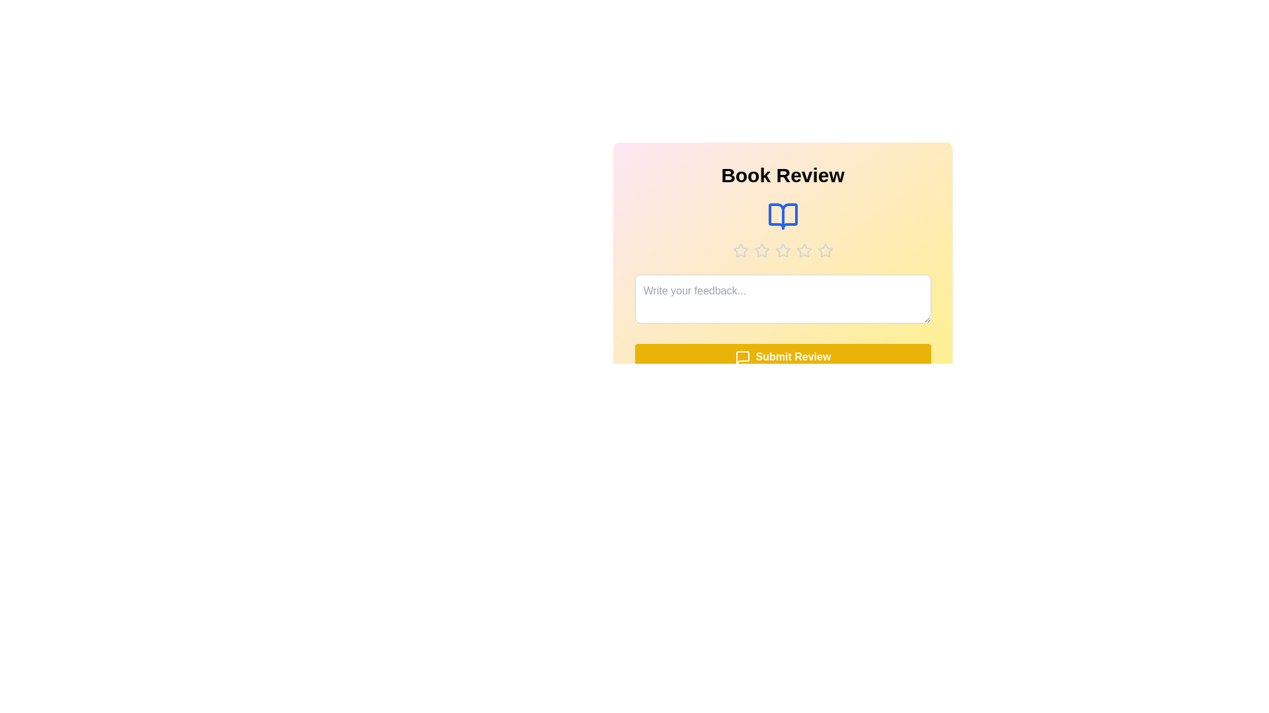 The height and width of the screenshot is (713, 1269). Describe the element at coordinates (783, 298) in the screenshot. I see `the text area to focus it and prepare for text input` at that location.